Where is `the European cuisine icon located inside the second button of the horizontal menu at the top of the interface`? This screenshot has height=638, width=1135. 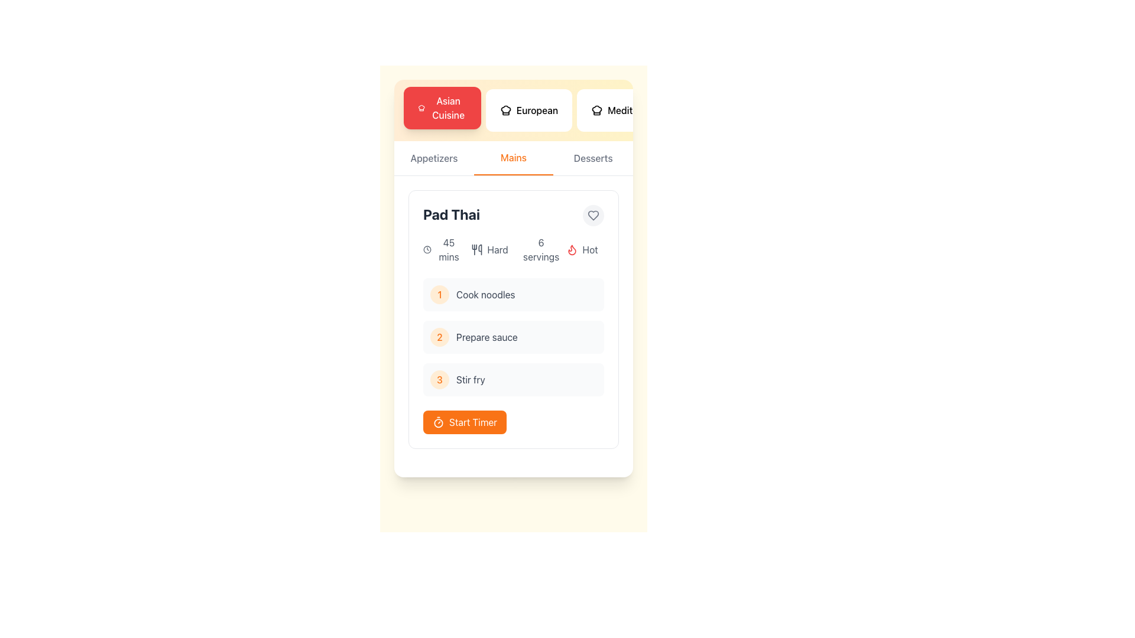 the European cuisine icon located inside the second button of the horizontal menu at the top of the interface is located at coordinates (505, 110).